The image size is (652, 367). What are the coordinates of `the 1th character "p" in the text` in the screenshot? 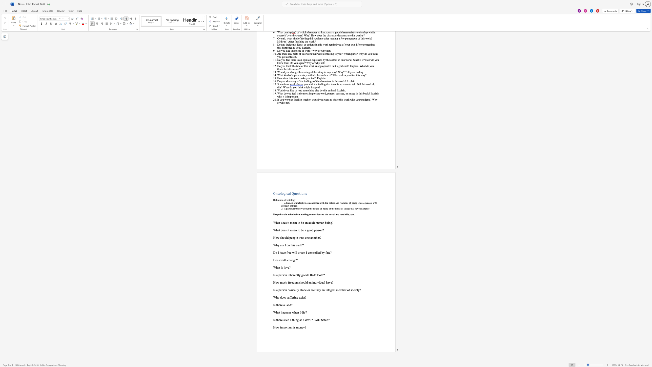 It's located at (287, 208).